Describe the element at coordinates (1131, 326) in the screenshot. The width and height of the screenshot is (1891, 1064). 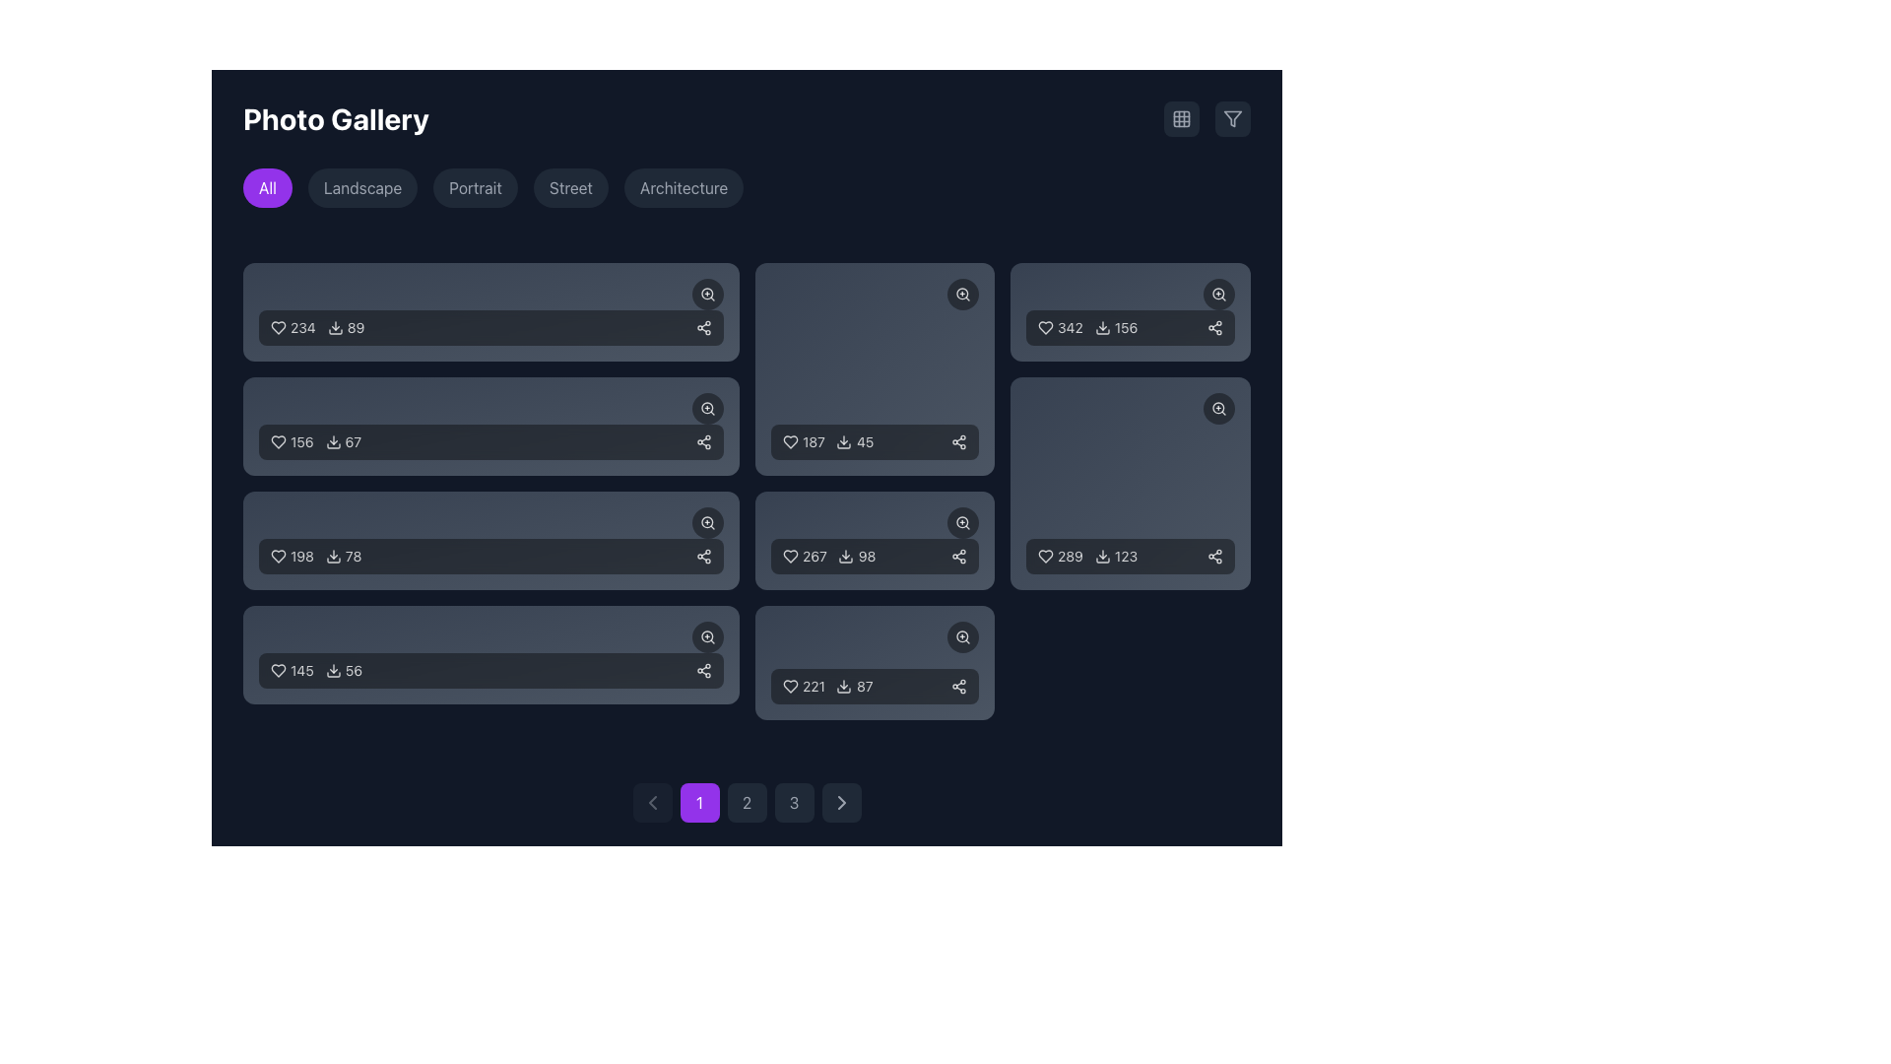
I see `the Info display tile that shows 'likes', 'downloads', and 'shares' with a dark semi-transparent background and rounded corners` at that location.